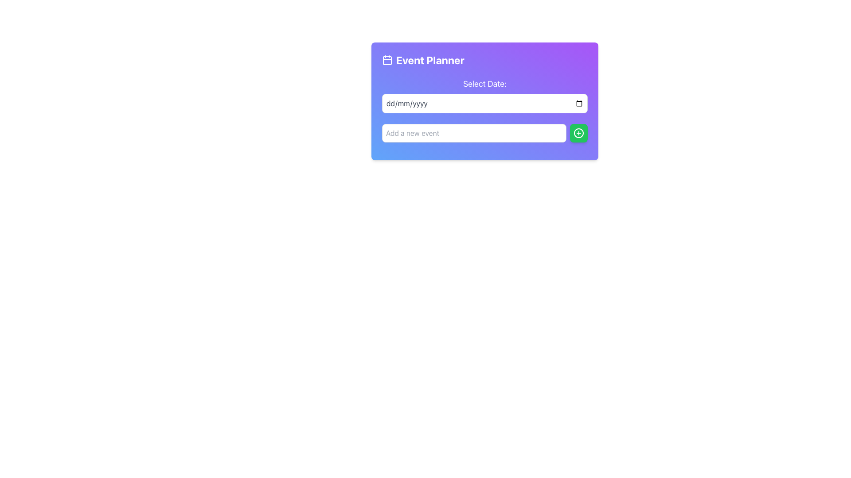 This screenshot has width=851, height=478. What do you see at coordinates (484, 96) in the screenshot?
I see `the input field for date selection located below the 'Event Planner' title and above the 'Add a new event' input bar within a gradient card` at bounding box center [484, 96].